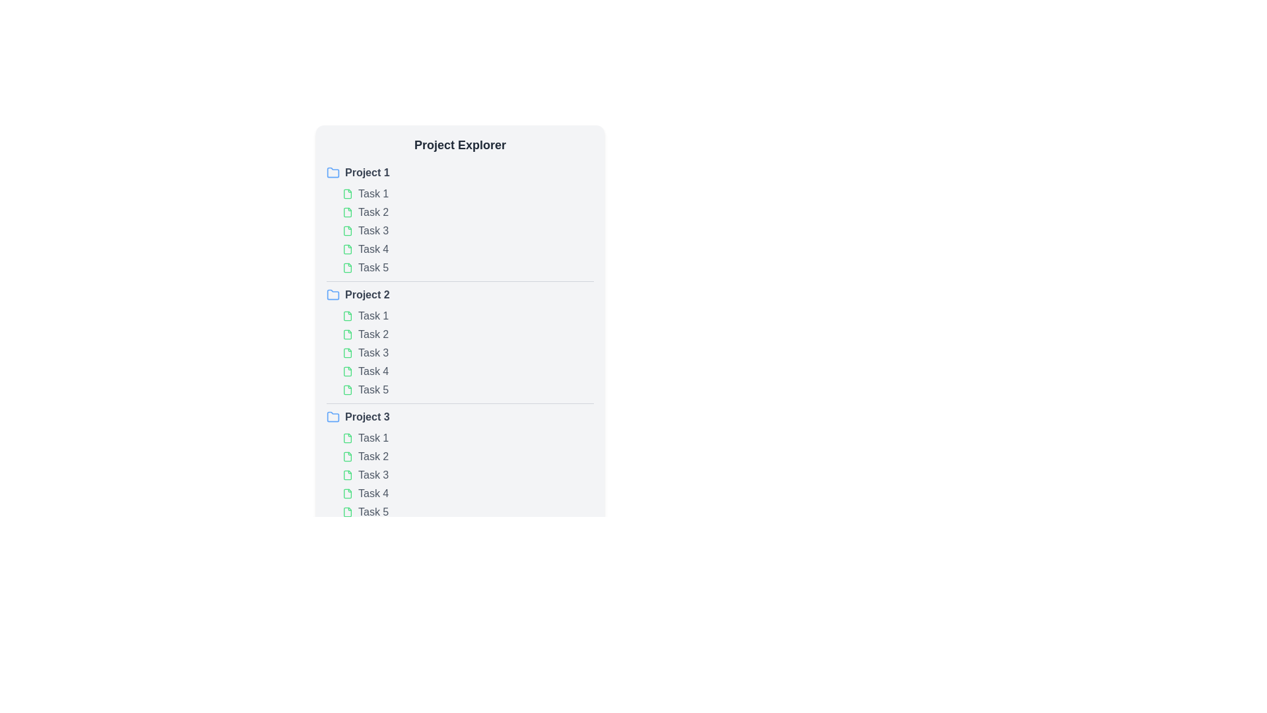 The image size is (1267, 713). I want to click on the folder icon associated with 'Project 3' in the 'Project Explorer', which is positioned before the text 'Project 3', so click(333, 417).